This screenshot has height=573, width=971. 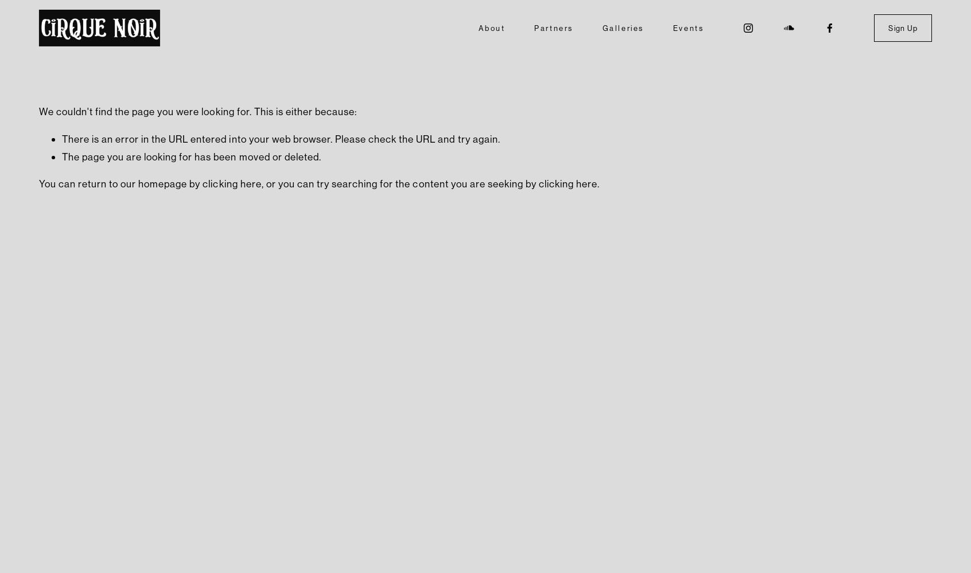 What do you see at coordinates (902, 28) in the screenshot?
I see `'Sign Up'` at bounding box center [902, 28].